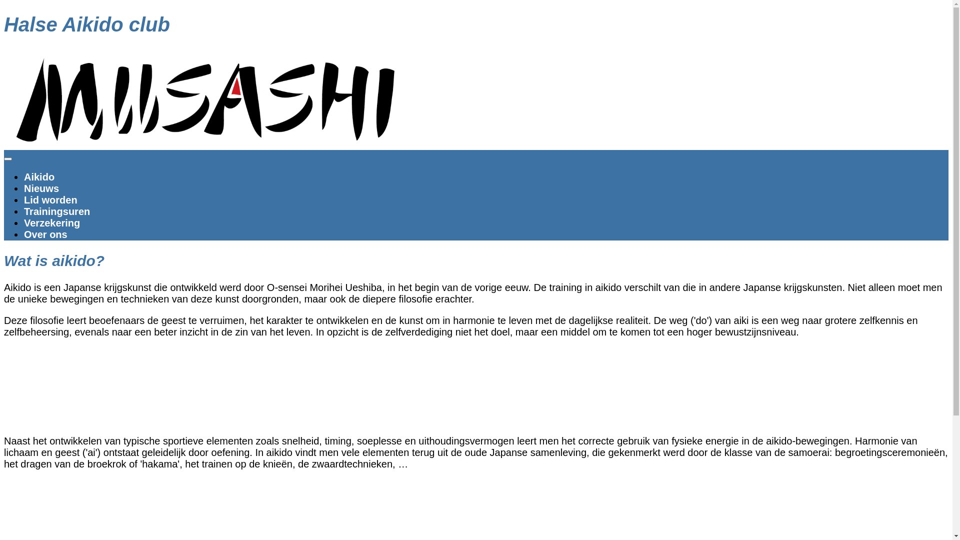  Describe the element at coordinates (24, 234) in the screenshot. I see `'Over ons'` at that location.